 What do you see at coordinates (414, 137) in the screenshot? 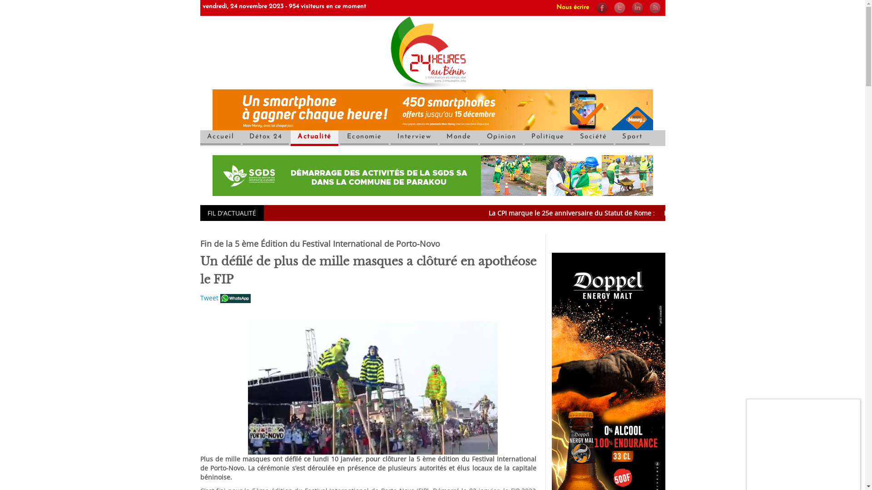
I see `'Interview'` at bounding box center [414, 137].